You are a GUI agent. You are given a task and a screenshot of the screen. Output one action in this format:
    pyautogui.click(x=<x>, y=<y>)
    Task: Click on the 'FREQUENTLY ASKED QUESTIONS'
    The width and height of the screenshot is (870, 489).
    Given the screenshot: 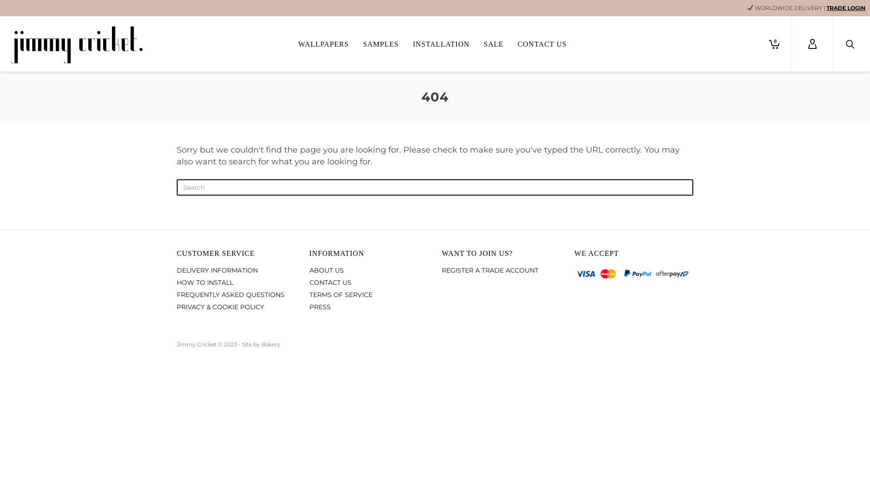 What is the action you would take?
    pyautogui.click(x=176, y=295)
    